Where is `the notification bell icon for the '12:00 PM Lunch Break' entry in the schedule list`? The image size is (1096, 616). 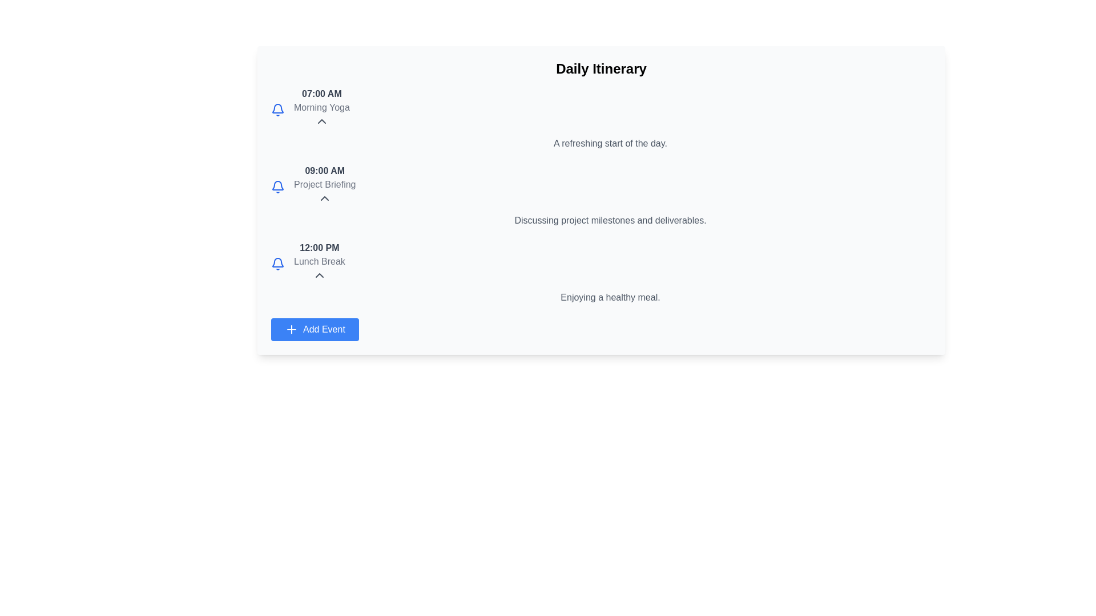 the notification bell icon for the '12:00 PM Lunch Break' entry in the schedule list is located at coordinates (277, 184).